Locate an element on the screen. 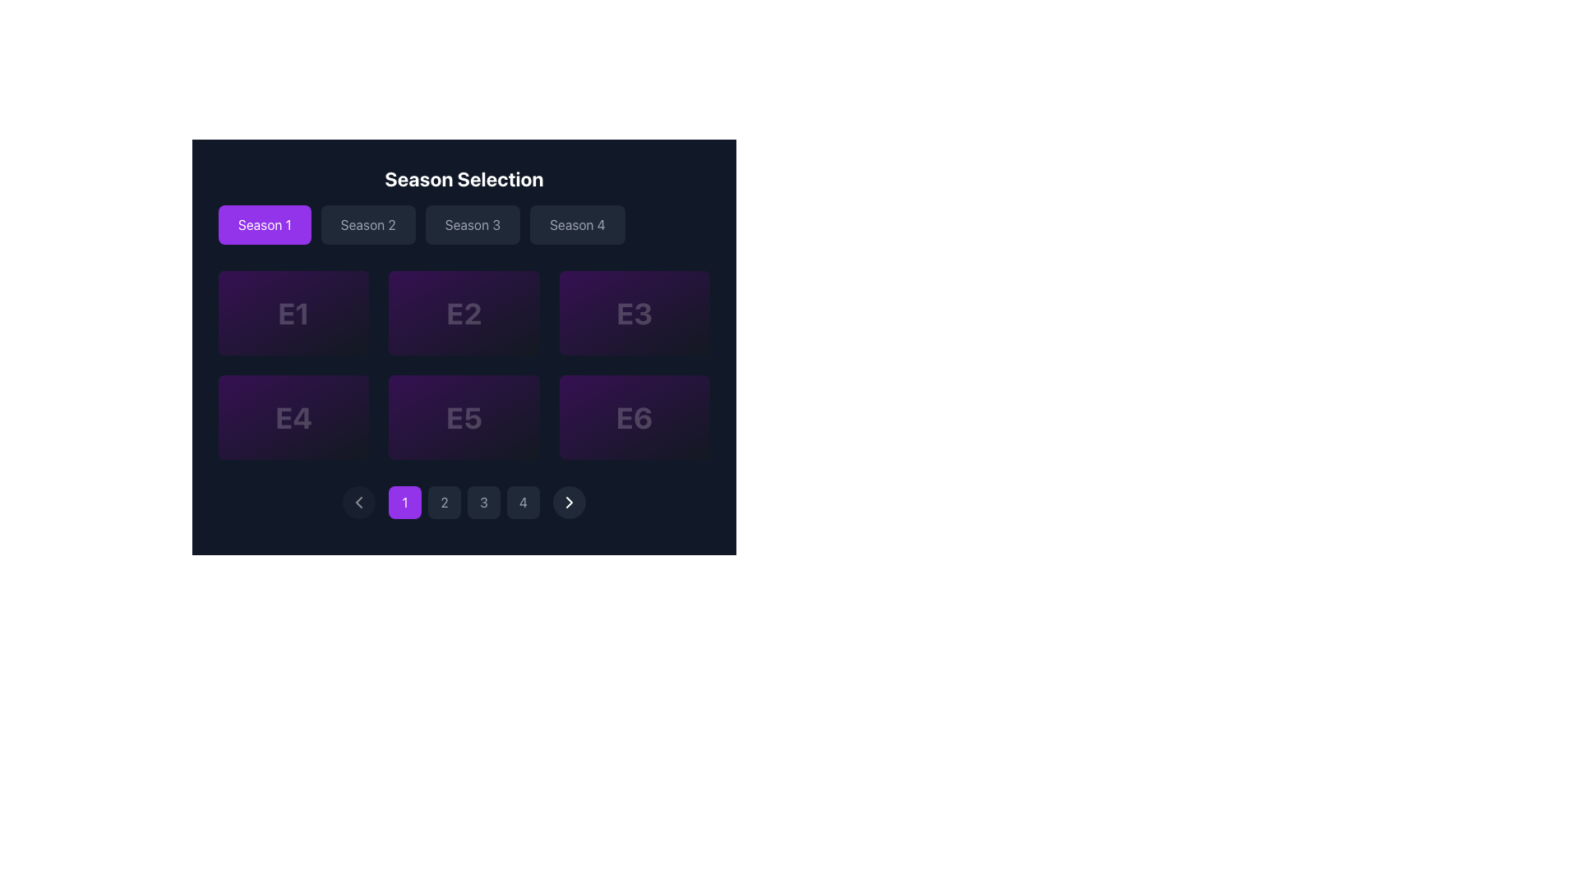  the selectable option labeled 'E3' in the grid layout under 'Season Selection' is located at coordinates (634, 313).